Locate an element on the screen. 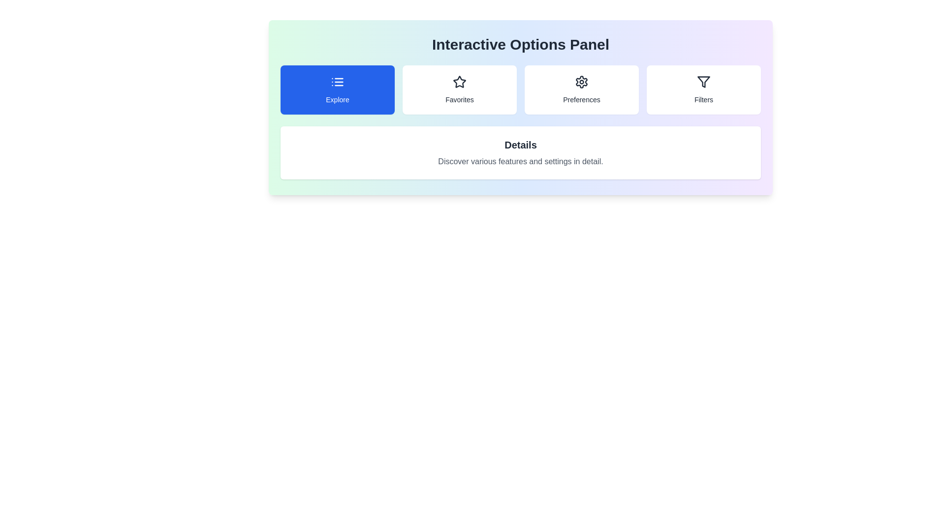  the filtering tool icon located in the top right corner of the Filters section in the Interactive Options Panel is located at coordinates (703, 81).